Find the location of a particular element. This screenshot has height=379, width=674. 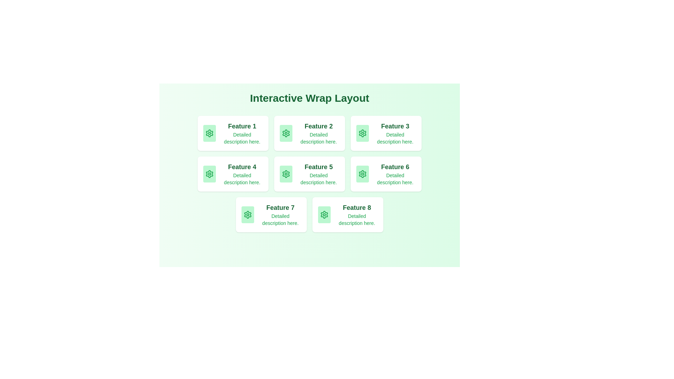

the center of the green gear icon in the second row, second column of the grid layout is located at coordinates (286, 133).